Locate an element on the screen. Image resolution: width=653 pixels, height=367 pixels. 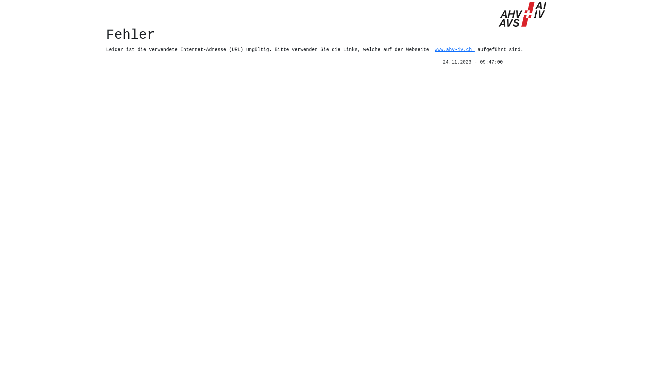
'www.ahv-iv.ch' is located at coordinates (455, 49).